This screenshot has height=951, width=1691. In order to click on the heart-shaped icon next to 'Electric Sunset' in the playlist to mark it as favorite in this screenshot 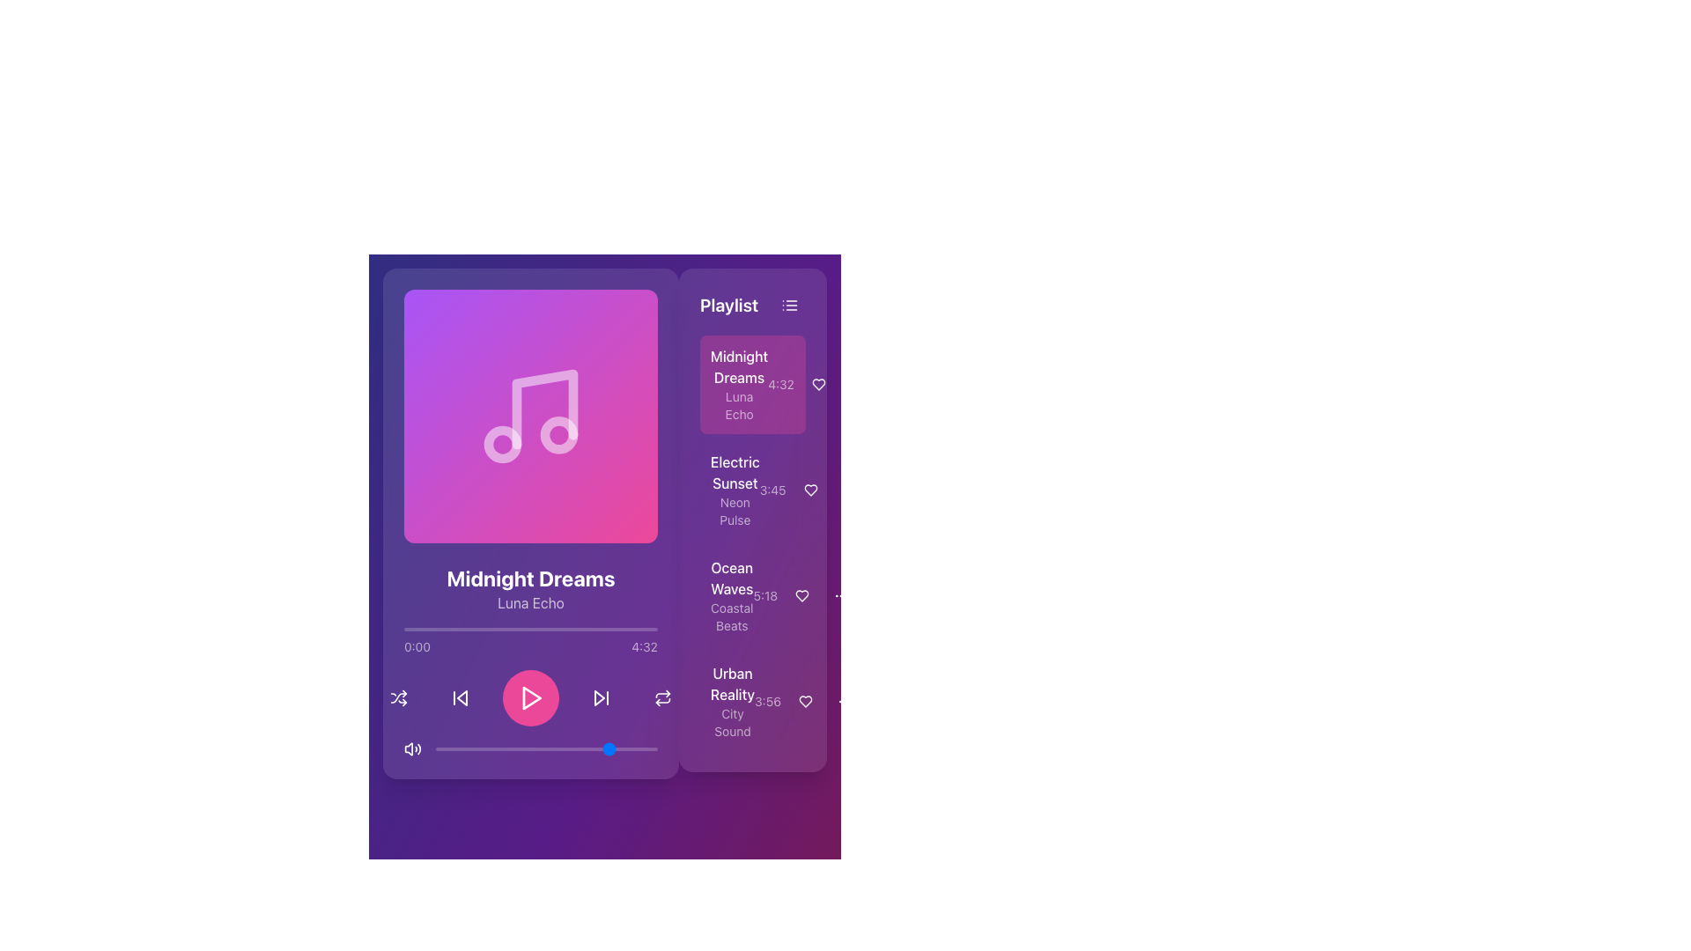, I will do `click(809, 490)`.